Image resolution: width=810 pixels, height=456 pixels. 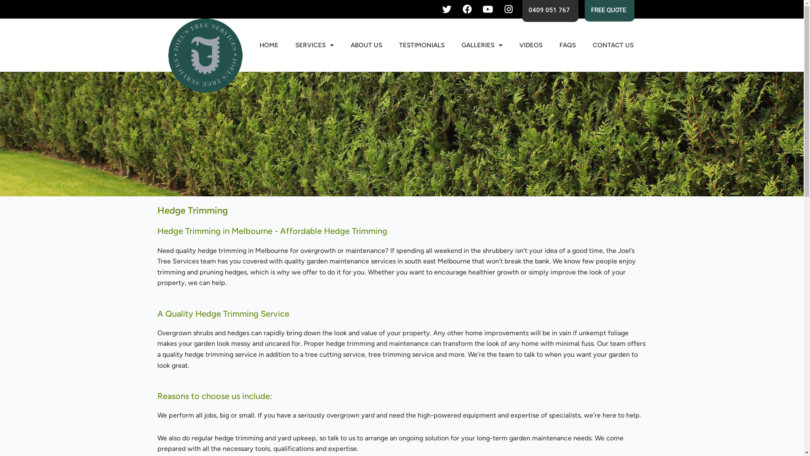 I want to click on 'ABOUT US', so click(x=366, y=45).